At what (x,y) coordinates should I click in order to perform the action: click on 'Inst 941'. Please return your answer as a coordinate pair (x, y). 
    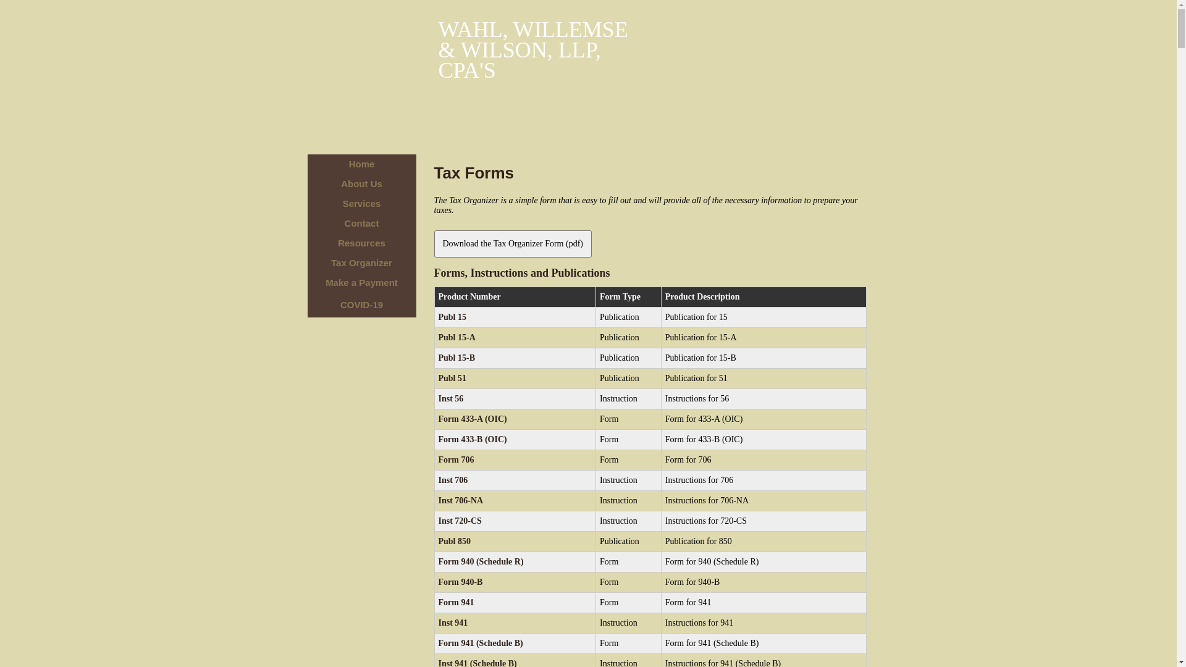
    Looking at the image, I should click on (453, 623).